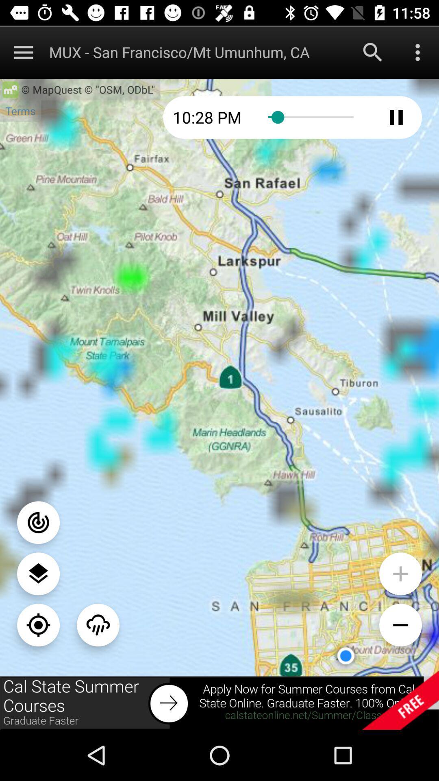 The width and height of the screenshot is (439, 781). Describe the element at coordinates (98, 624) in the screenshot. I see `check weather` at that location.